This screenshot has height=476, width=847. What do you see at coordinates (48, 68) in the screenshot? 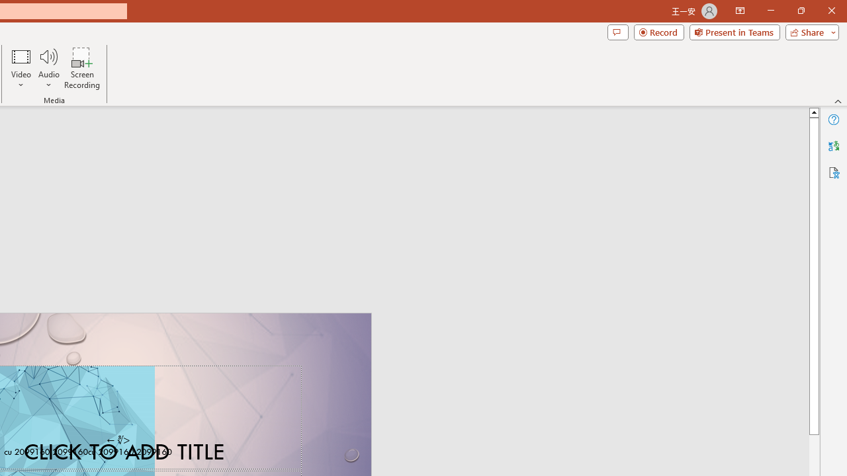
I see `'Audio'` at bounding box center [48, 68].